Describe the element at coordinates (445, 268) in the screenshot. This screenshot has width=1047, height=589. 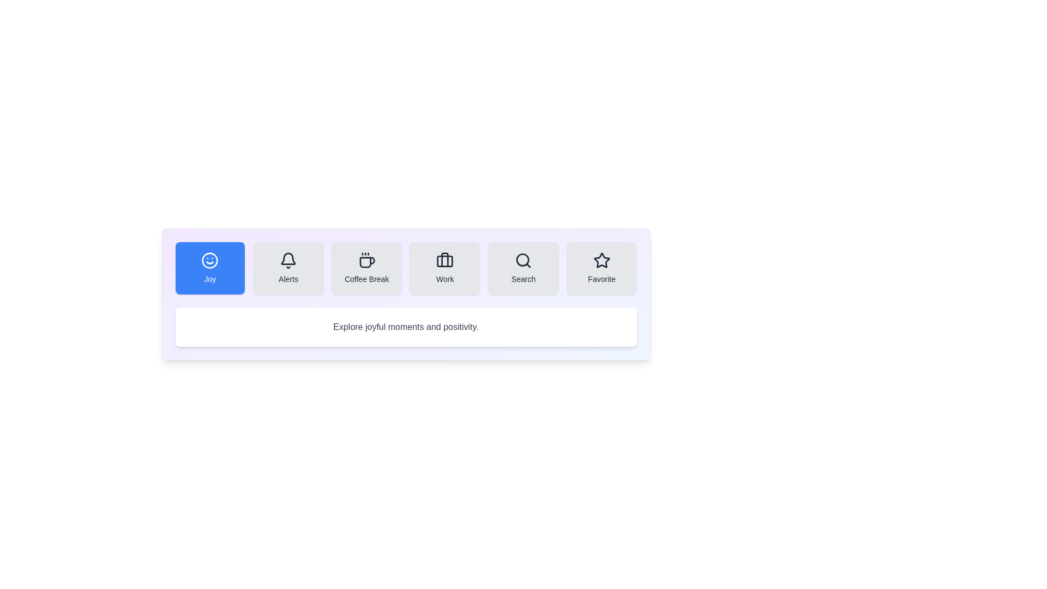
I see `the Work tab to switch its content` at that location.